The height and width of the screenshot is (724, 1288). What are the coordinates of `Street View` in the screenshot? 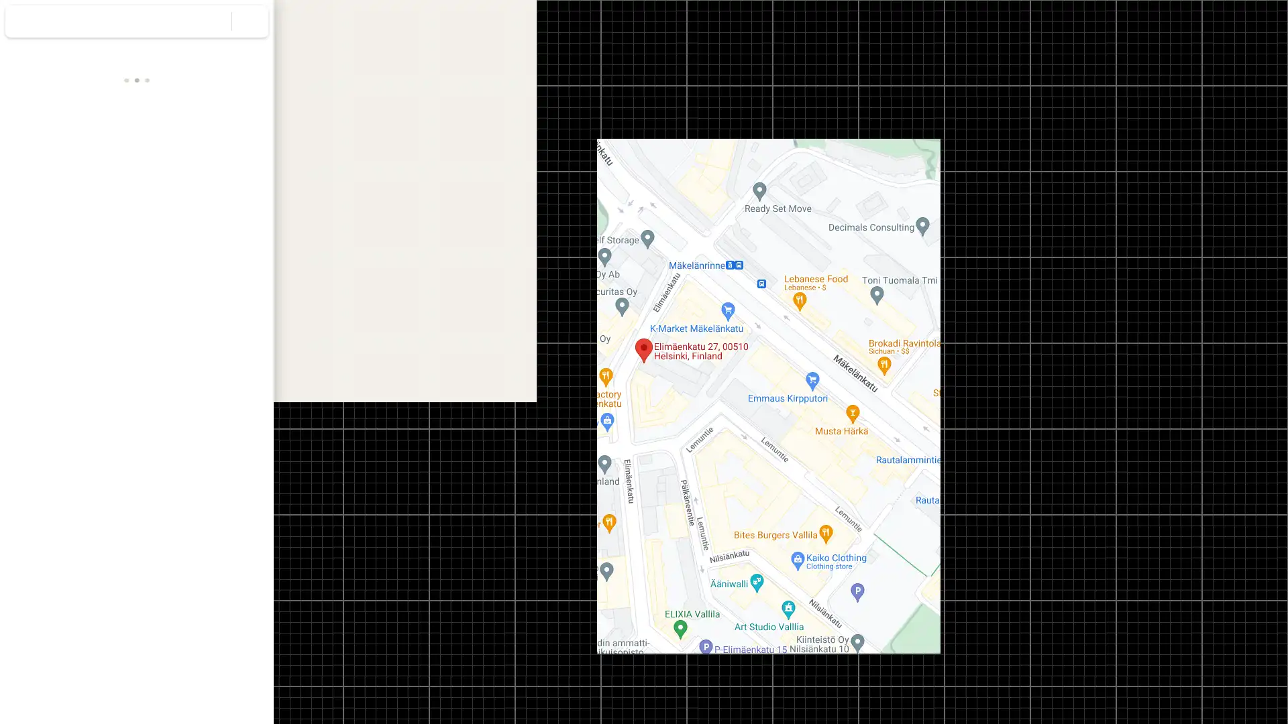 It's located at (137, 491).